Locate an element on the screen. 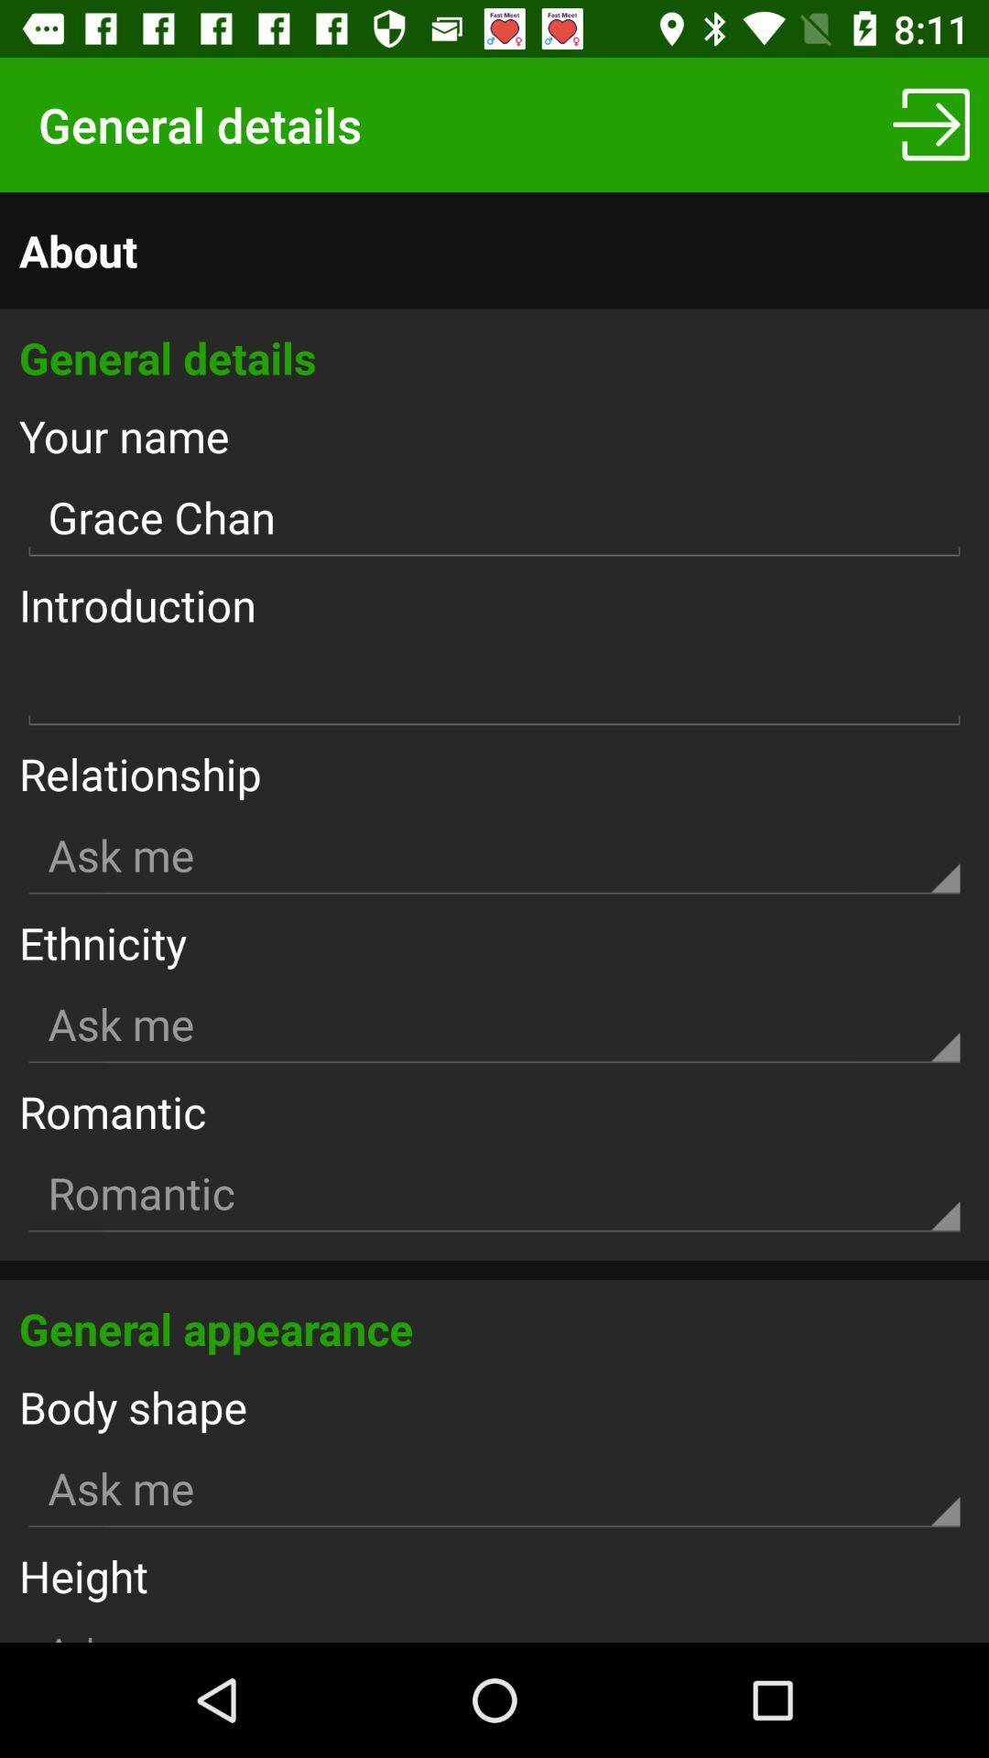 The width and height of the screenshot is (989, 1758). the button at the right bottom corner of the page is located at coordinates (931, 125).